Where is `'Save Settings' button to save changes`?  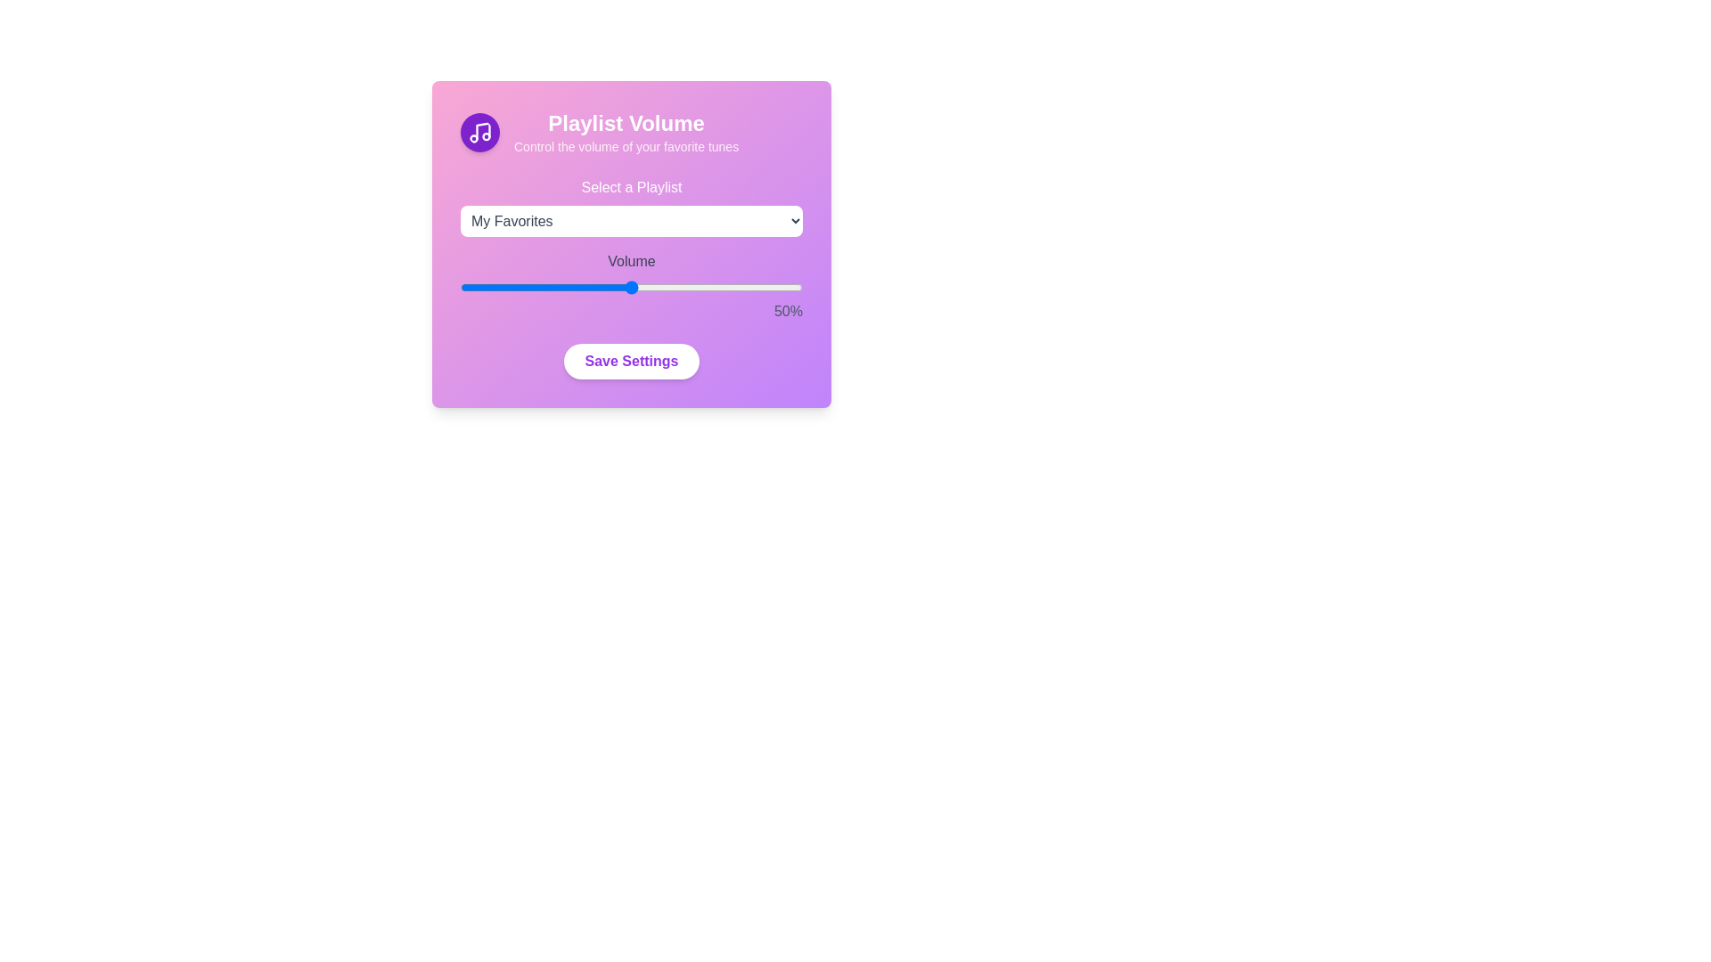 'Save Settings' button to save changes is located at coordinates (632, 361).